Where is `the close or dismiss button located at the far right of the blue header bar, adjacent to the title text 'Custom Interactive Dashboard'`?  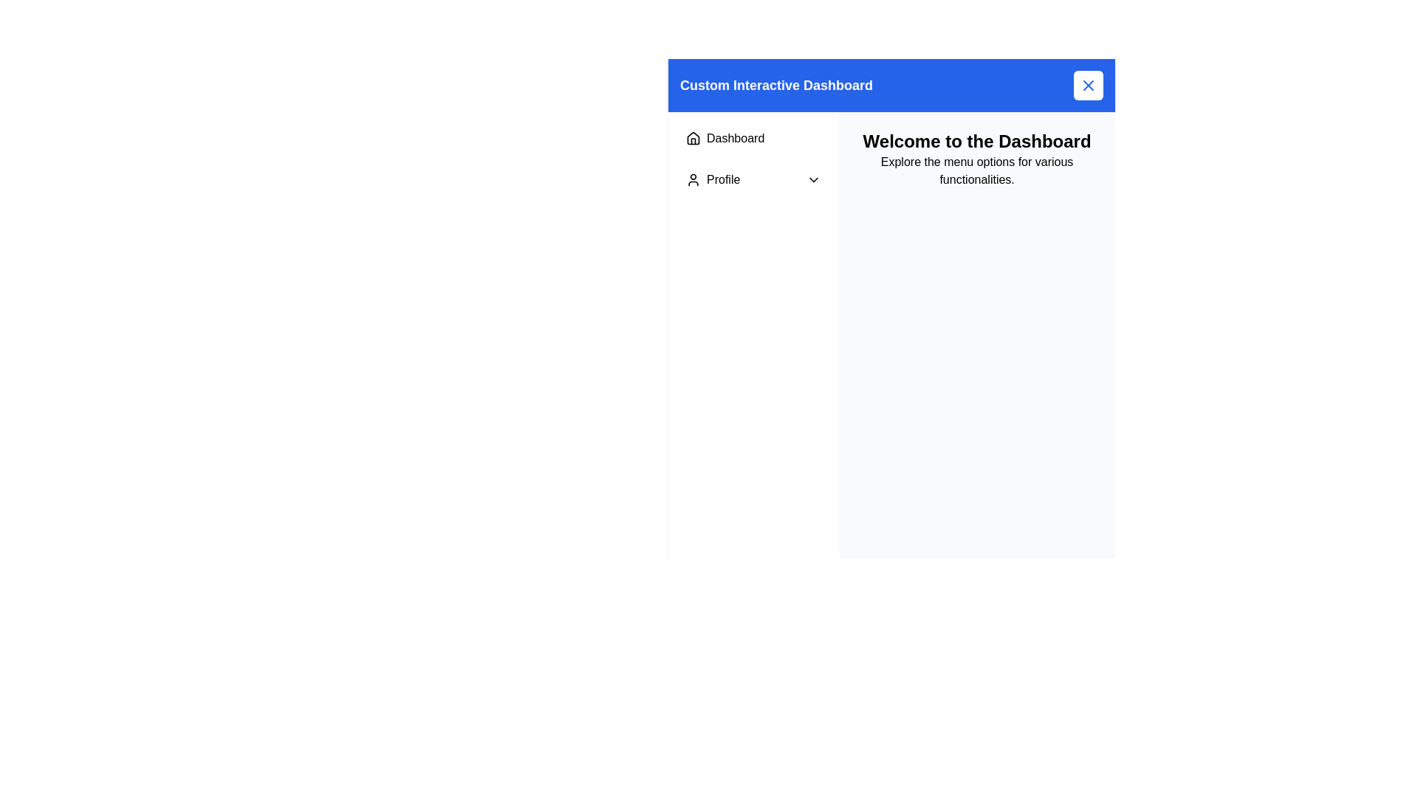 the close or dismiss button located at the far right of the blue header bar, adjacent to the title text 'Custom Interactive Dashboard' is located at coordinates (1088, 85).